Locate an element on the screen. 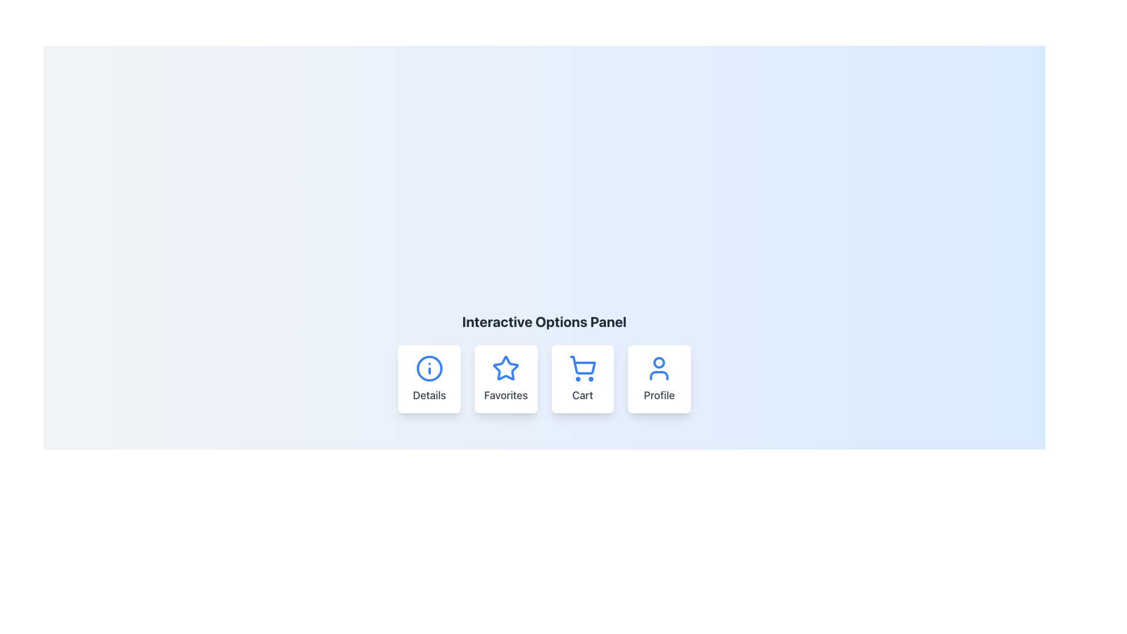 This screenshot has width=1127, height=634. the text label that reads 'Cart', which is styled with medium weight and dark gray color, positioned below the shopping cart icon in a rounded rectangular button as the third option in a set of four buttons is located at coordinates (582, 396).